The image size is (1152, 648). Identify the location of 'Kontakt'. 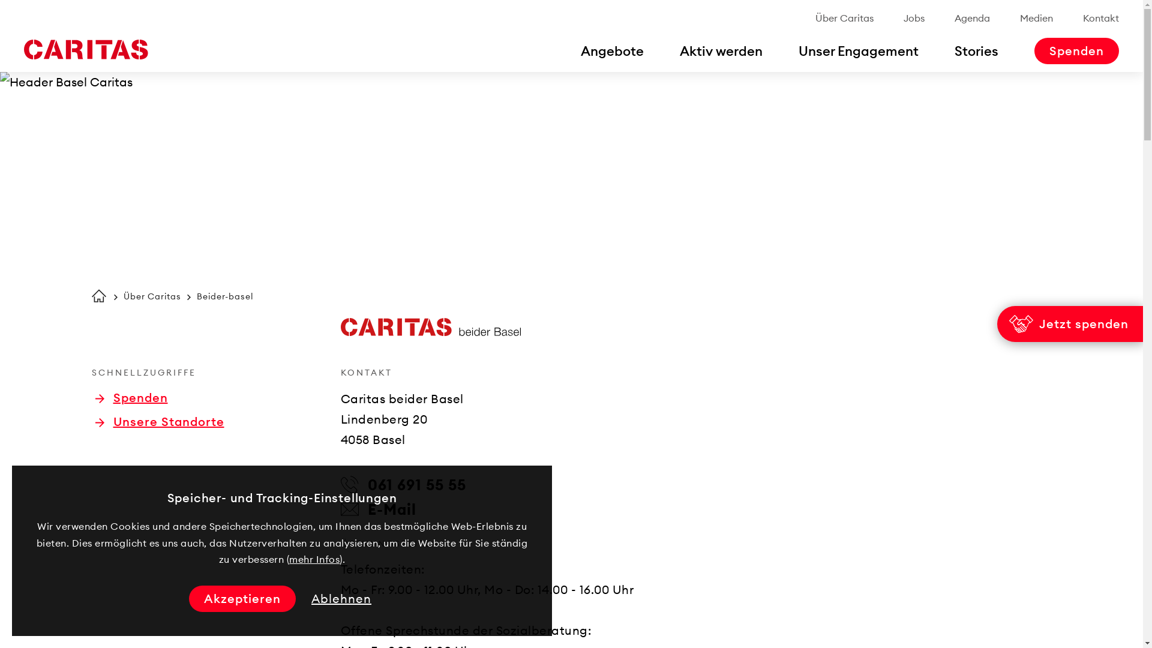
(1100, 18).